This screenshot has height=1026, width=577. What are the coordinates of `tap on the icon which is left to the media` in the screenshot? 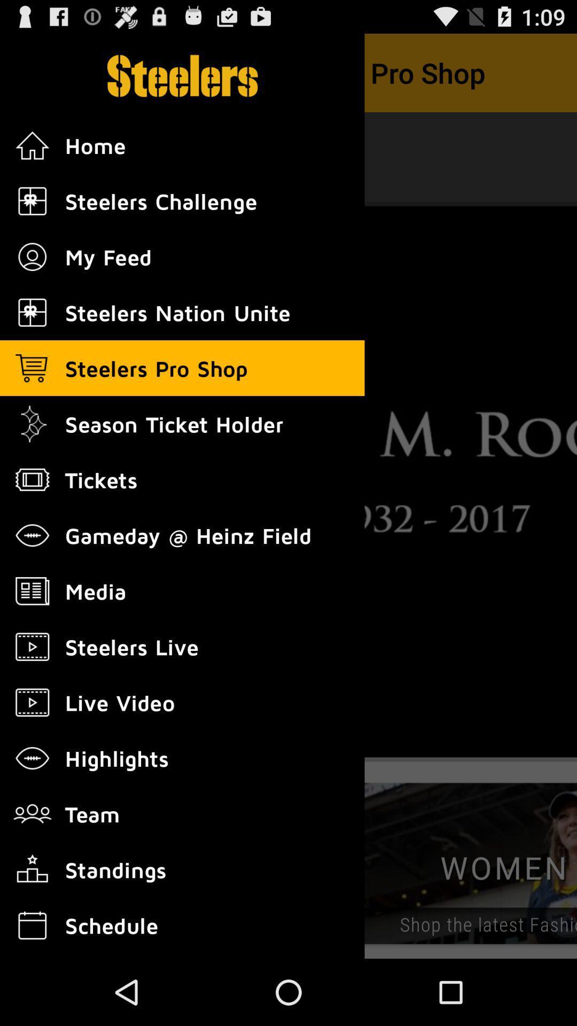 It's located at (32, 590).